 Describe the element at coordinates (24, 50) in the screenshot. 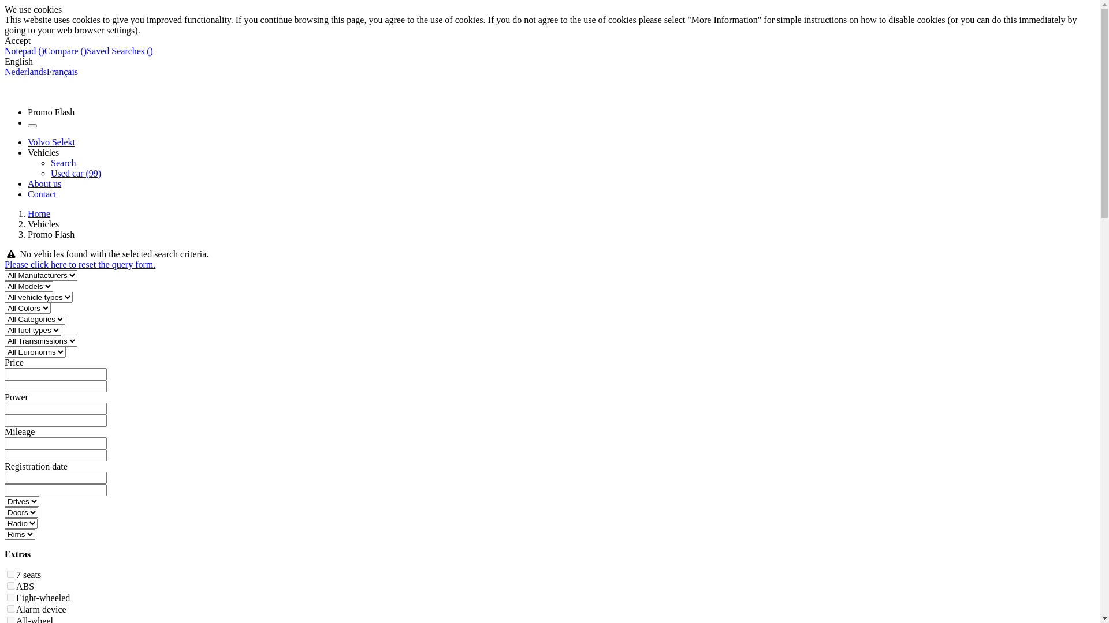

I see `'Notepad ()'` at that location.